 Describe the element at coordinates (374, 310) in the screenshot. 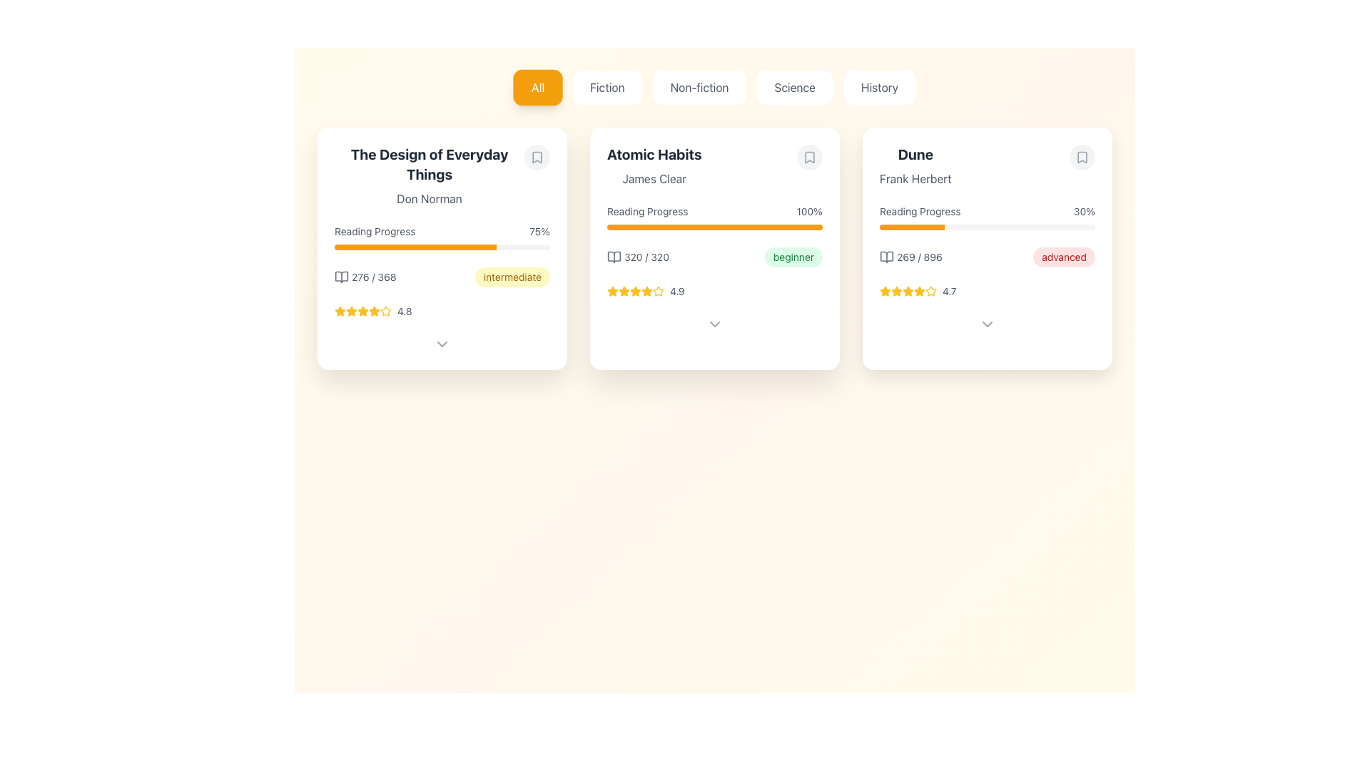

I see `the third star icon in the five-star rating system located in the ratings section of the card titled 'The Design of Everyday Things'` at that location.